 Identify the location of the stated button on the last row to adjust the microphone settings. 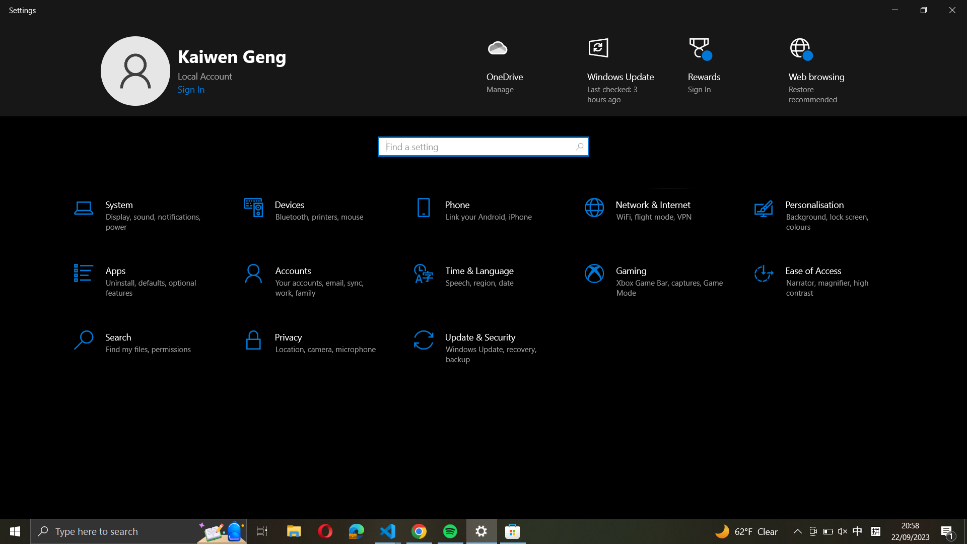
(313, 342).